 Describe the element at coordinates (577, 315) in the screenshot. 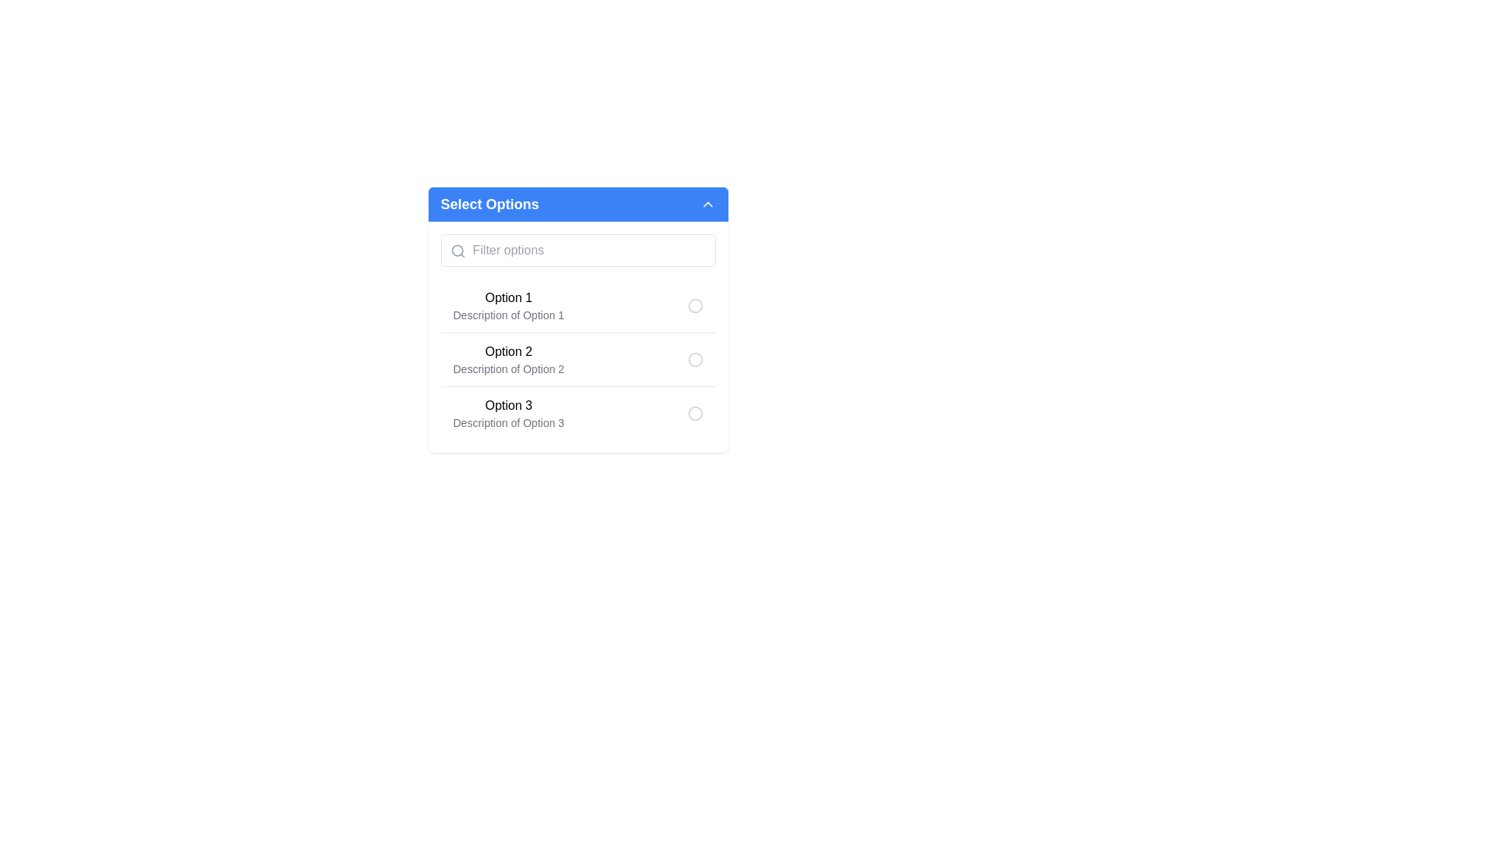

I see `the first option item within the 'Select Options' dropdown menu` at that location.